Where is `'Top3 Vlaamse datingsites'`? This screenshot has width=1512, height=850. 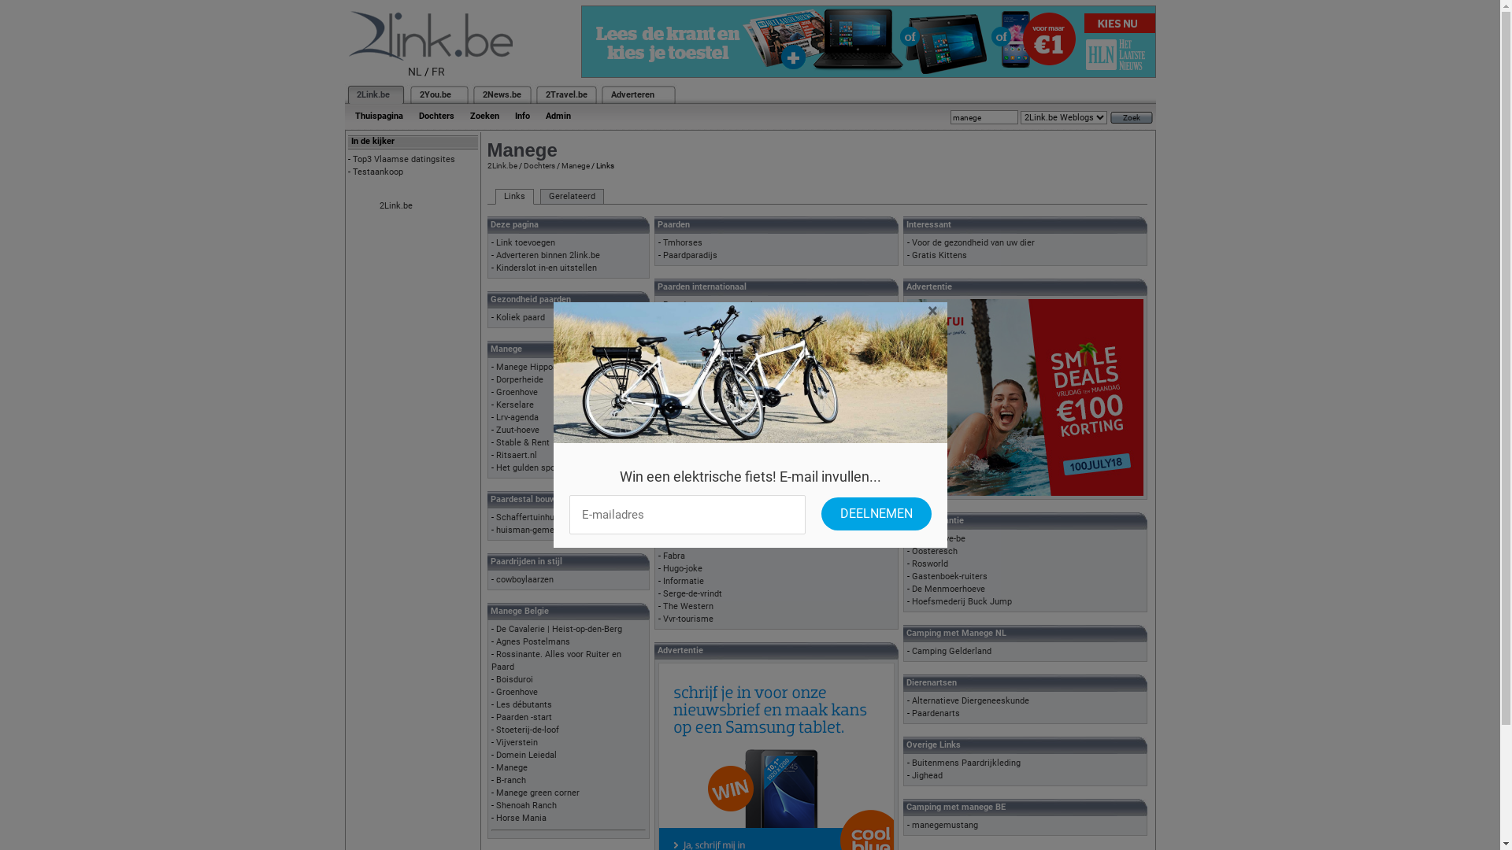
'Top3 Vlaamse datingsites' is located at coordinates (404, 159).